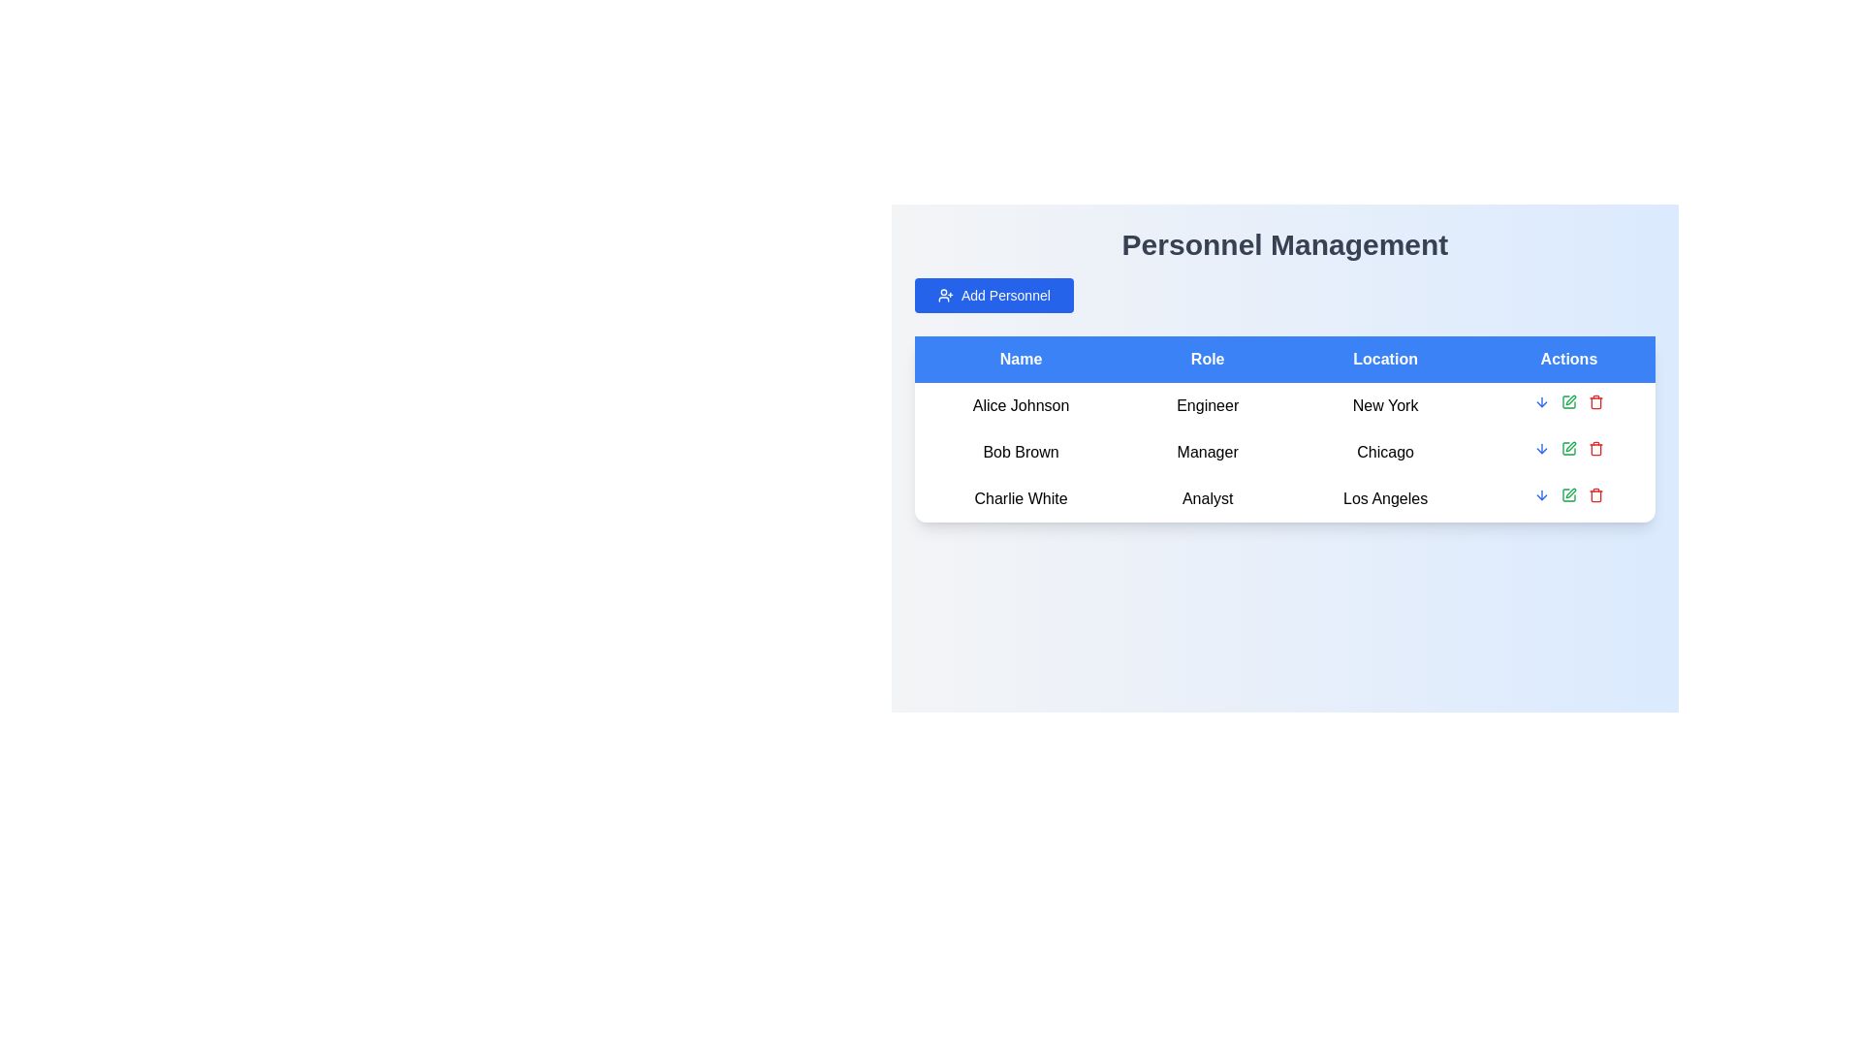 The height and width of the screenshot is (1047, 1861). I want to click on the edit icon (pen/pencil) located in the 'Actions' column for 'Bob Brown', so click(1570, 398).